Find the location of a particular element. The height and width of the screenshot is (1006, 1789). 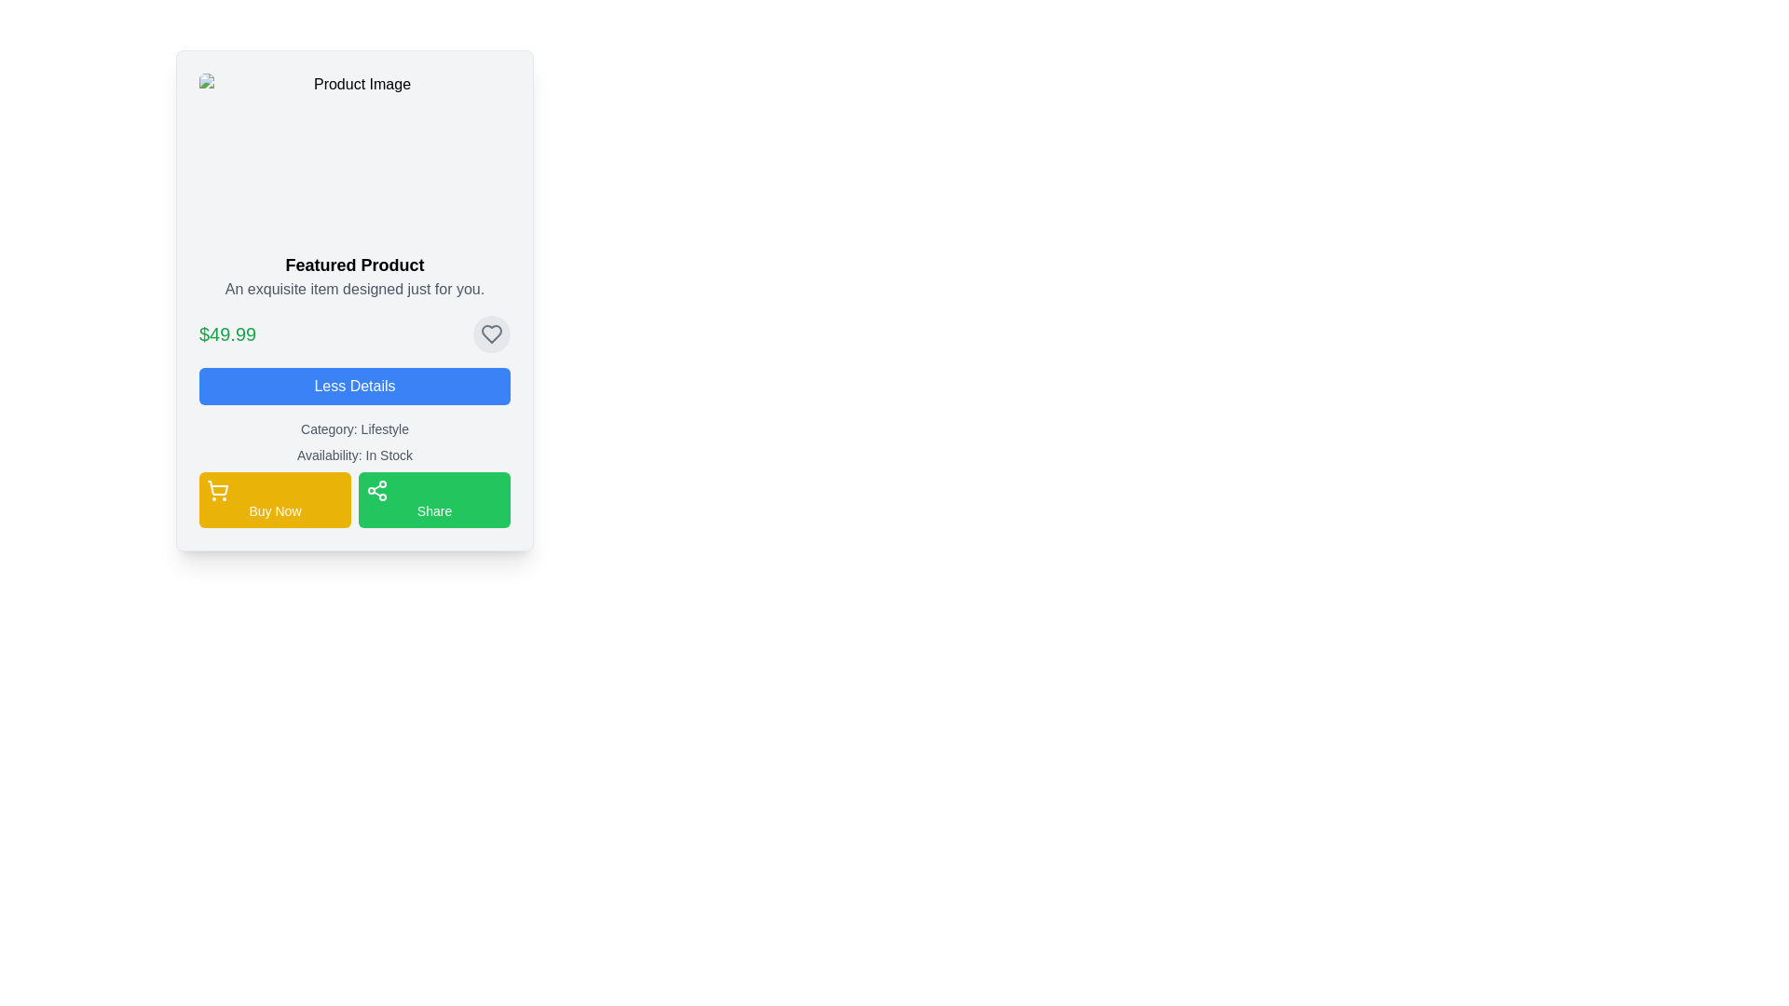

the Text Label that serves as a heading or title for the product displayed in the card, located immediately below the product image and above the description text is located at coordinates (354, 265).